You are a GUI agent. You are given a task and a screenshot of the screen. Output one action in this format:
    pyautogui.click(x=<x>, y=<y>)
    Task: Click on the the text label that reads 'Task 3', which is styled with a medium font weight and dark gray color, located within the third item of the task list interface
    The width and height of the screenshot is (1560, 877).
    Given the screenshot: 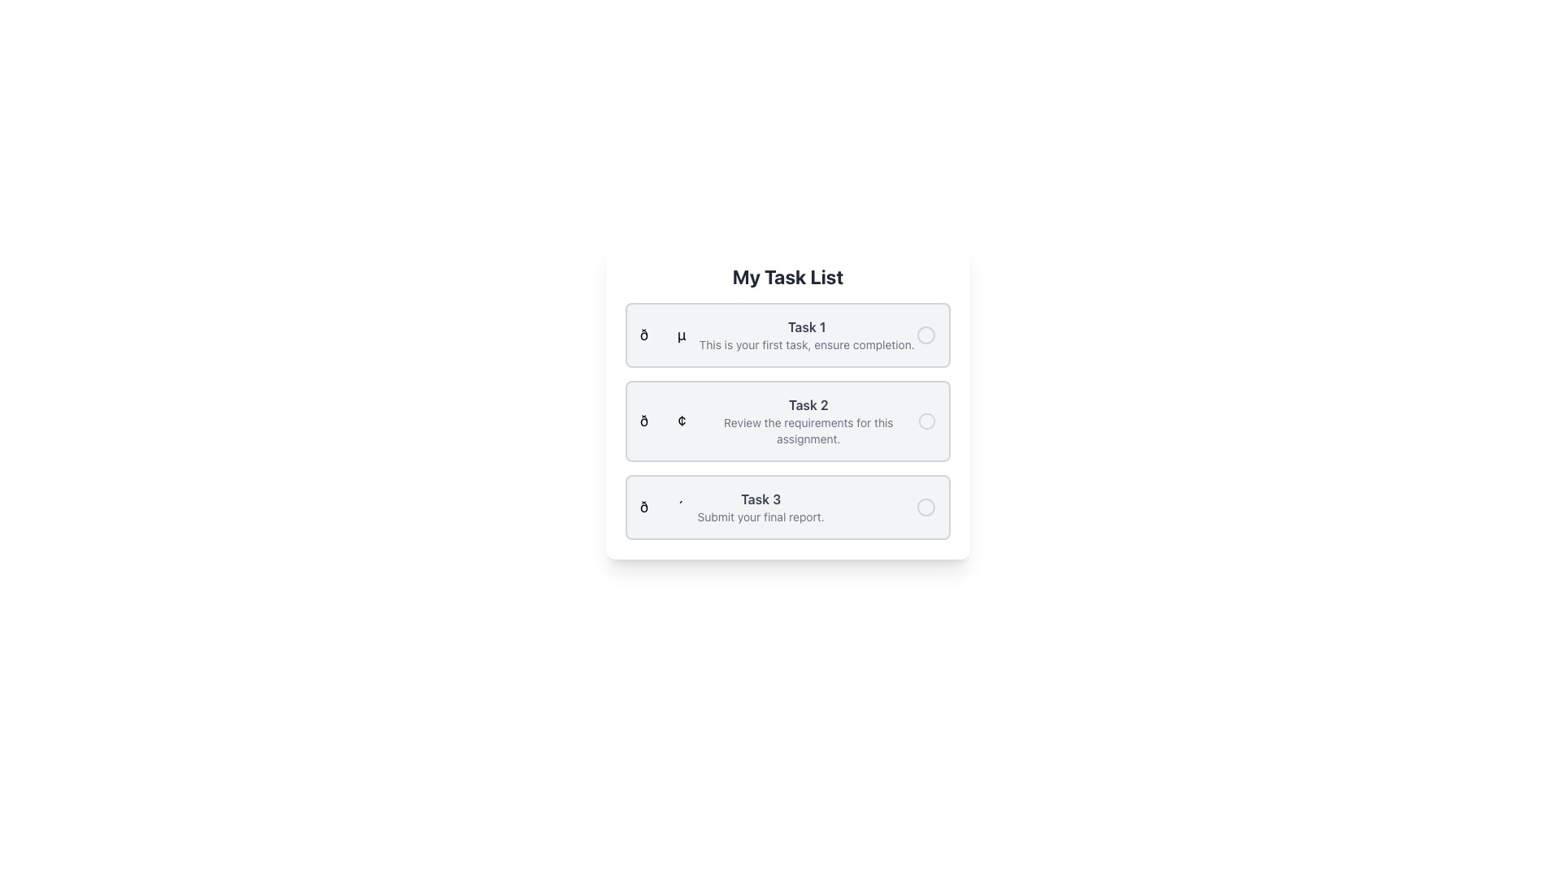 What is the action you would take?
    pyautogui.click(x=760, y=498)
    